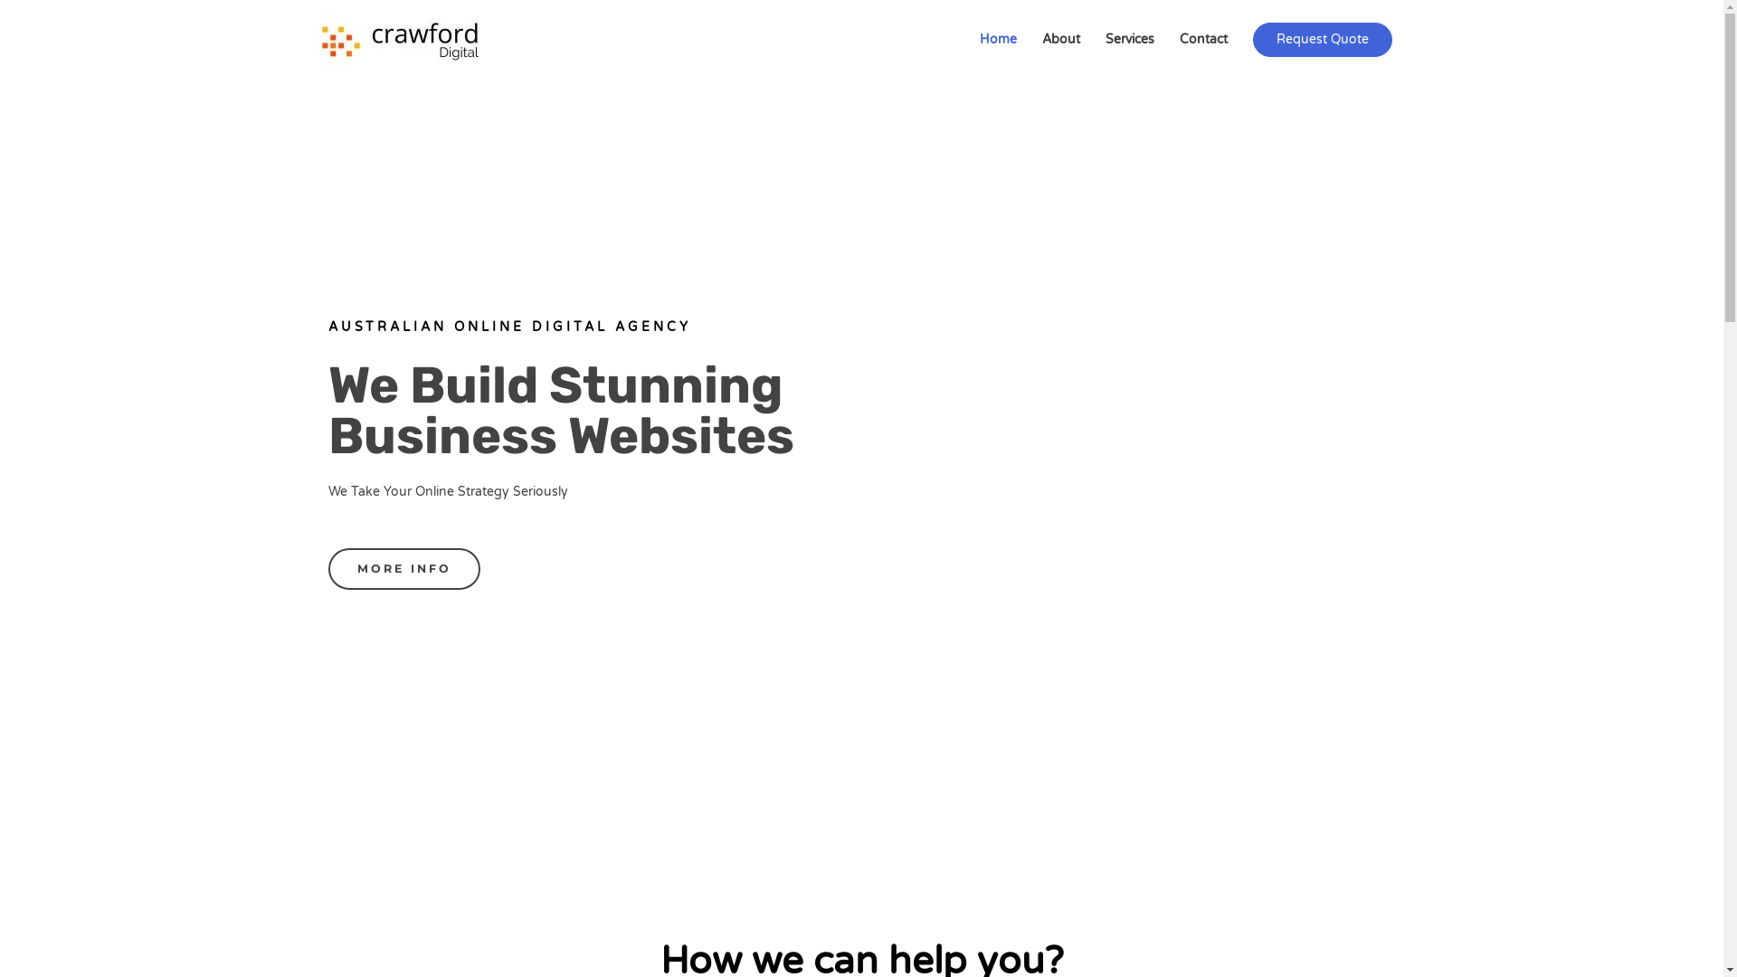  Describe the element at coordinates (996, 39) in the screenshot. I see `'Home'` at that location.